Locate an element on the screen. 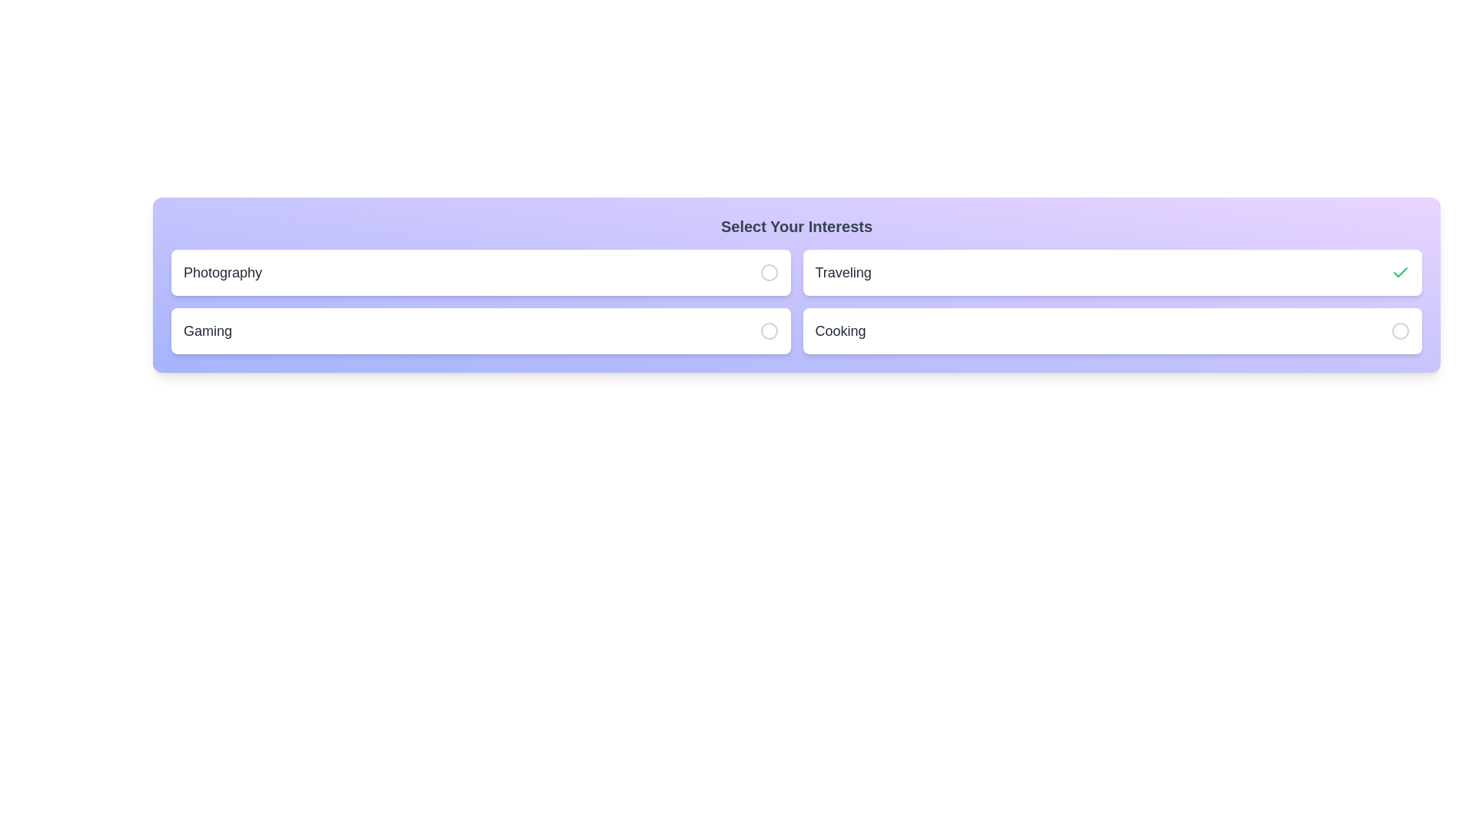 This screenshot has width=1476, height=830. the interest item Traveling is located at coordinates (1112, 271).